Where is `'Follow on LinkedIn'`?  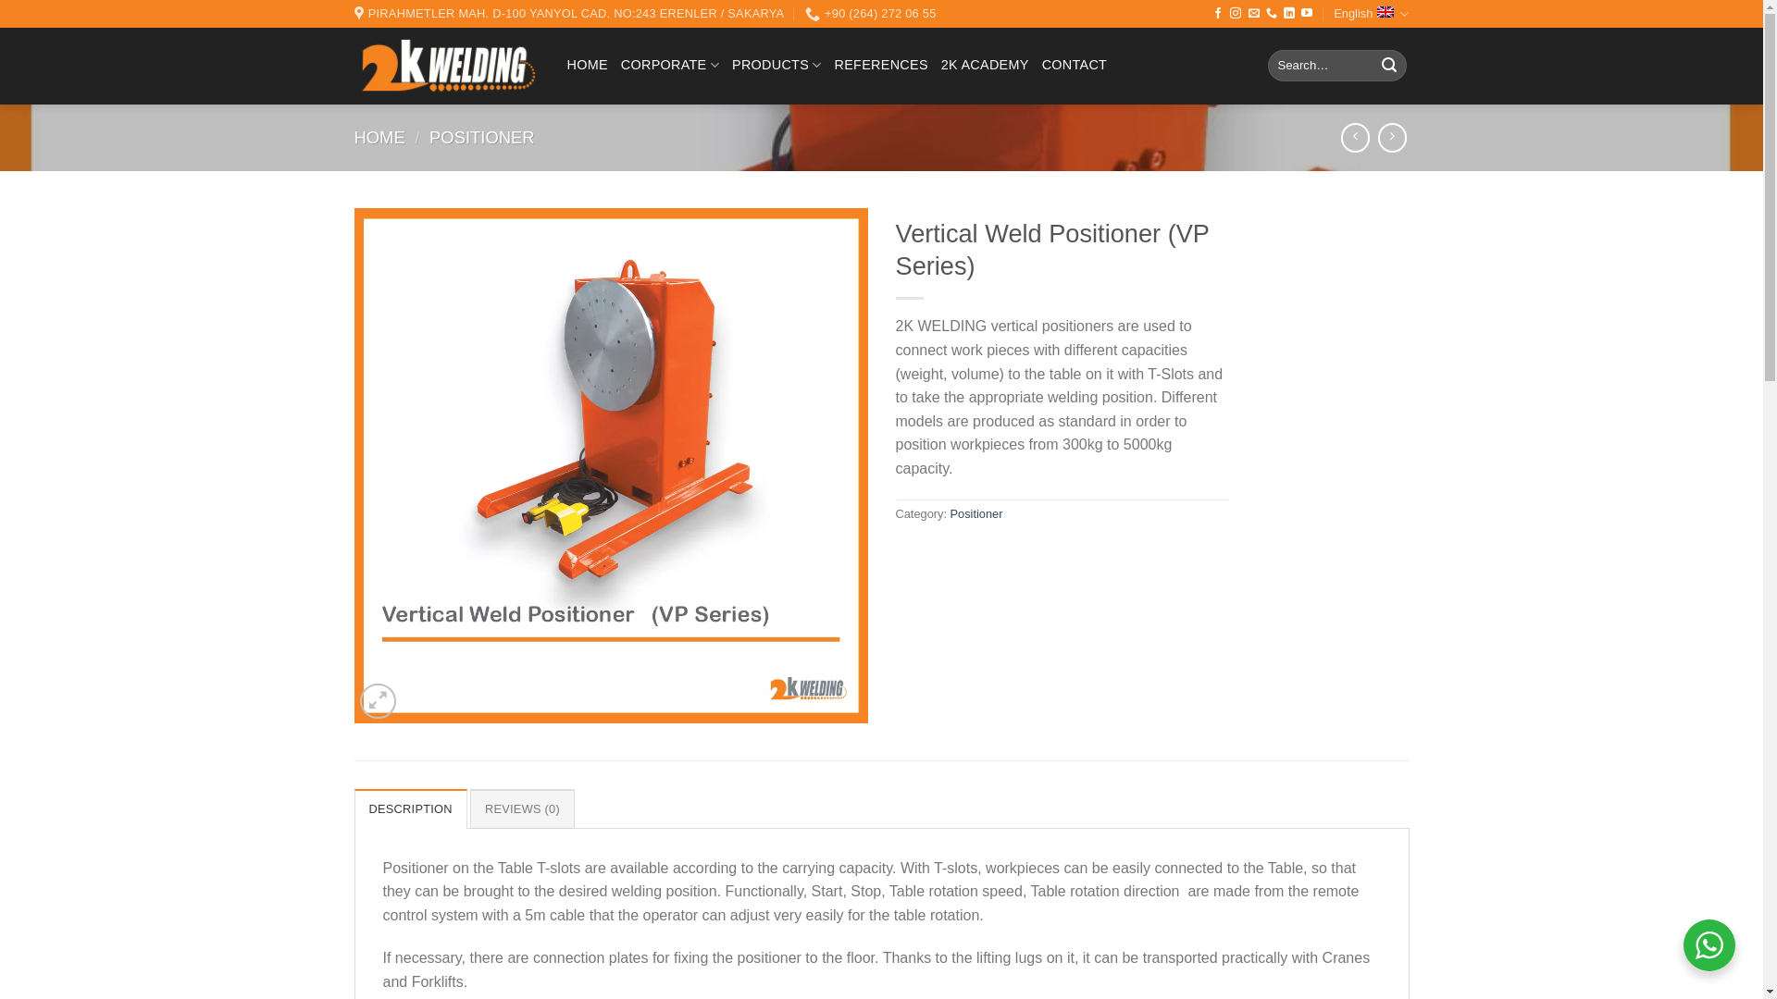
'Follow on LinkedIn' is located at coordinates (1287, 14).